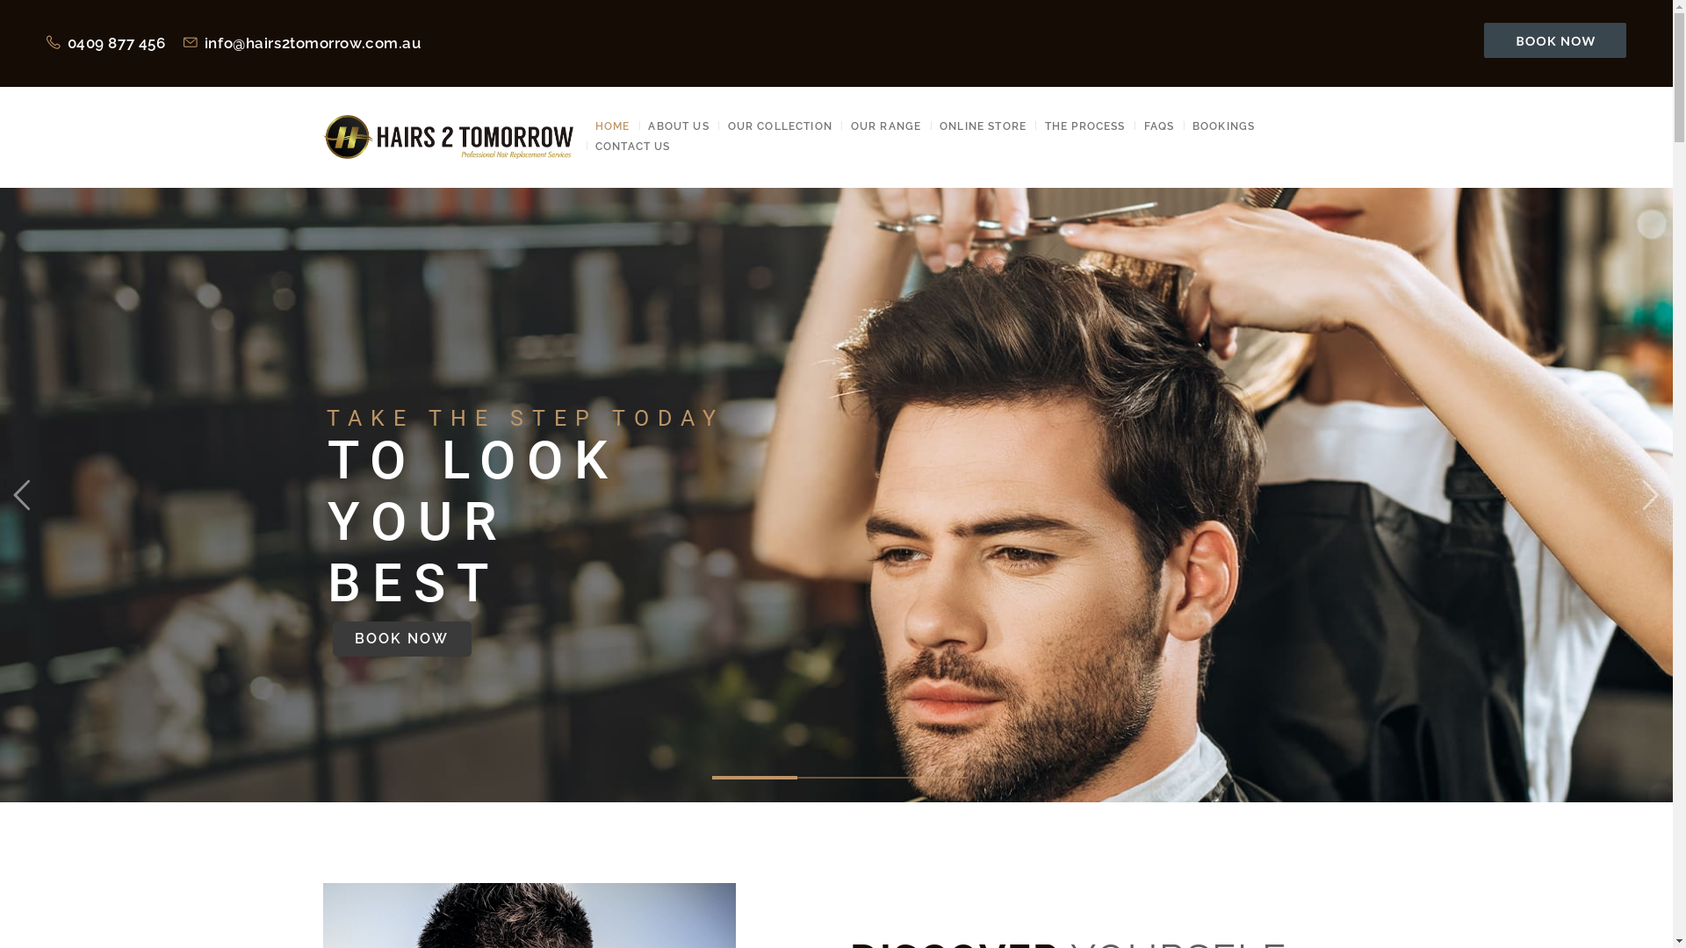 The image size is (1686, 948). What do you see at coordinates (885, 126) in the screenshot?
I see `'OUR RANGE'` at bounding box center [885, 126].